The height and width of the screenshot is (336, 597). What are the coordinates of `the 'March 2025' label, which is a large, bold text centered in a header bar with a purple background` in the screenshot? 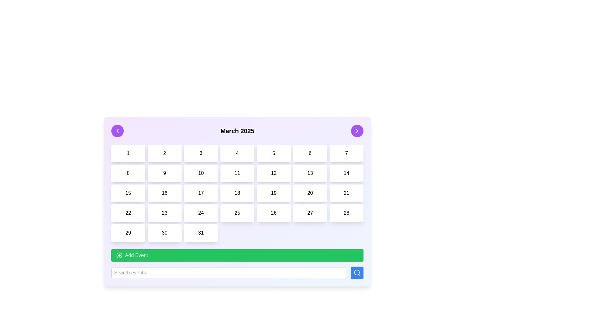 It's located at (237, 130).